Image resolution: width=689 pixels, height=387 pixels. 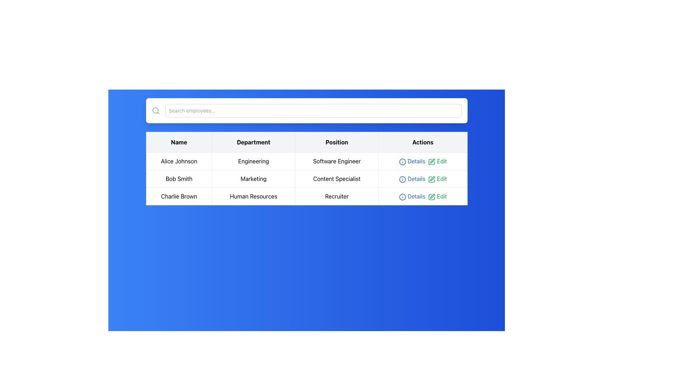 I want to click on the second table row displaying details about 'Bob Smith', which is located between the rows for 'Alice Johnson' and 'Charlie Brown', so click(x=306, y=178).